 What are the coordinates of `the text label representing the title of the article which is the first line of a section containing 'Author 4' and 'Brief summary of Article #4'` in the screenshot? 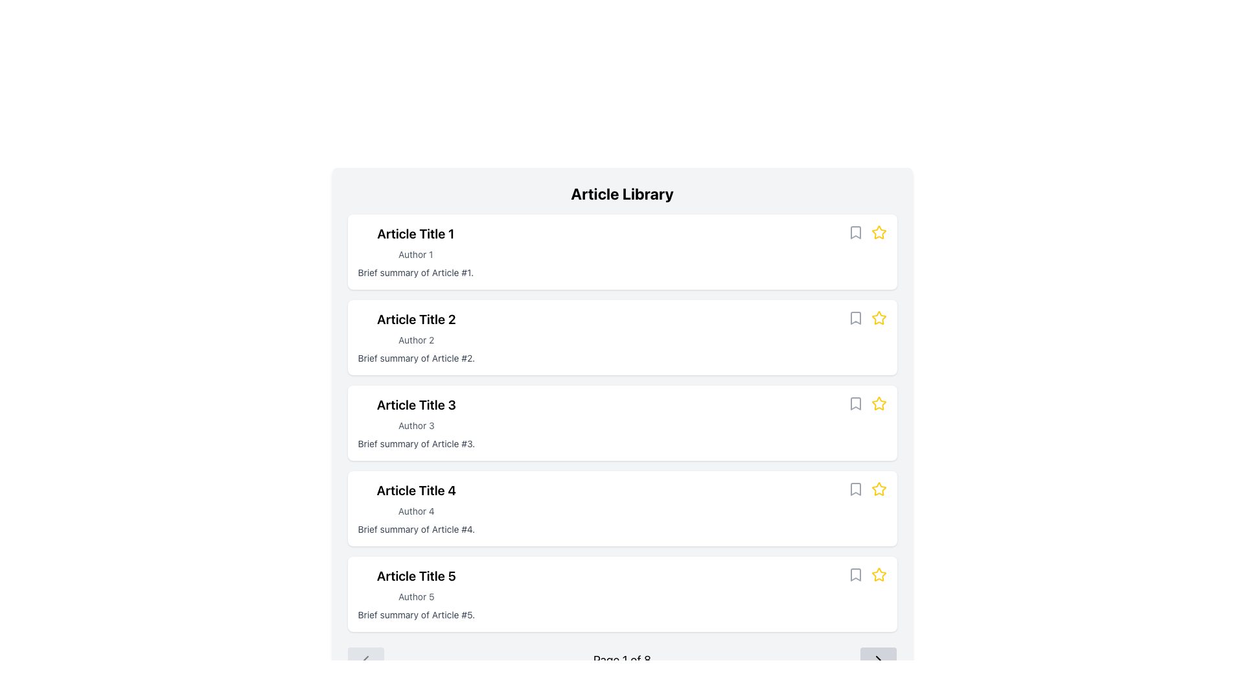 It's located at (416, 490).